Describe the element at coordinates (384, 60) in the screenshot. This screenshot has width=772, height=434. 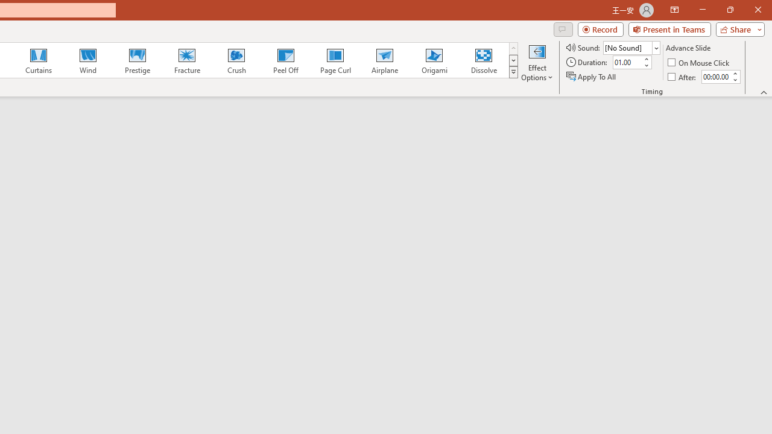
I see `'Airplane'` at that location.